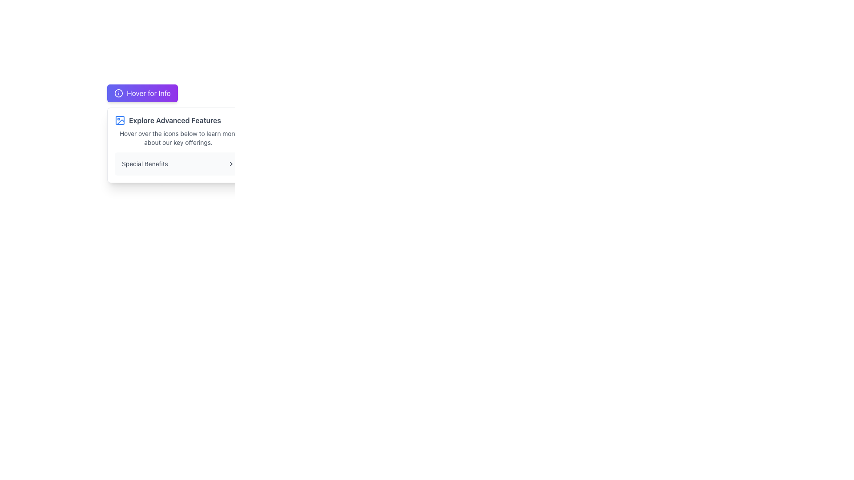 Image resolution: width=854 pixels, height=480 pixels. I want to click on the Information Icon, which is a circular icon with an 'i' symbol inside, located to the left of the 'Hover for Info' text, so click(118, 93).